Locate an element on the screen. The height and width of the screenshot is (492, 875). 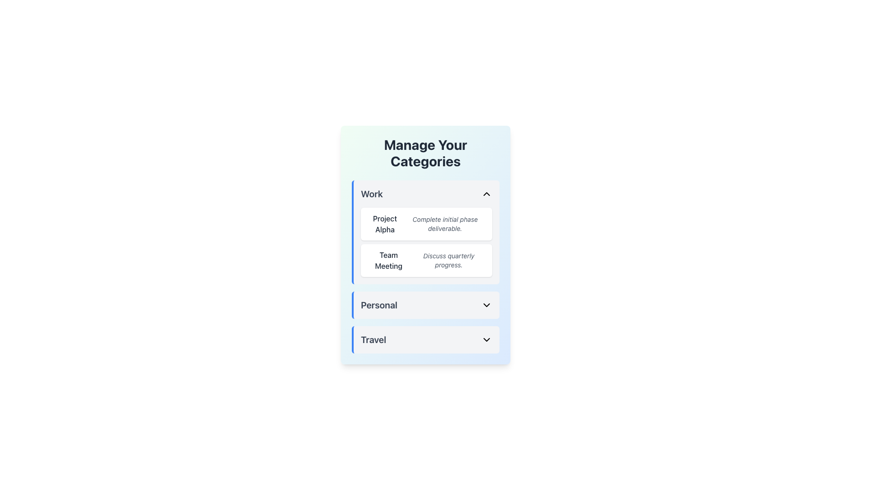
the dropdown indicator chevron icon located at the far-right end of the 'Travel' section to trigger a hover effect or tooltip is located at coordinates (486, 339).